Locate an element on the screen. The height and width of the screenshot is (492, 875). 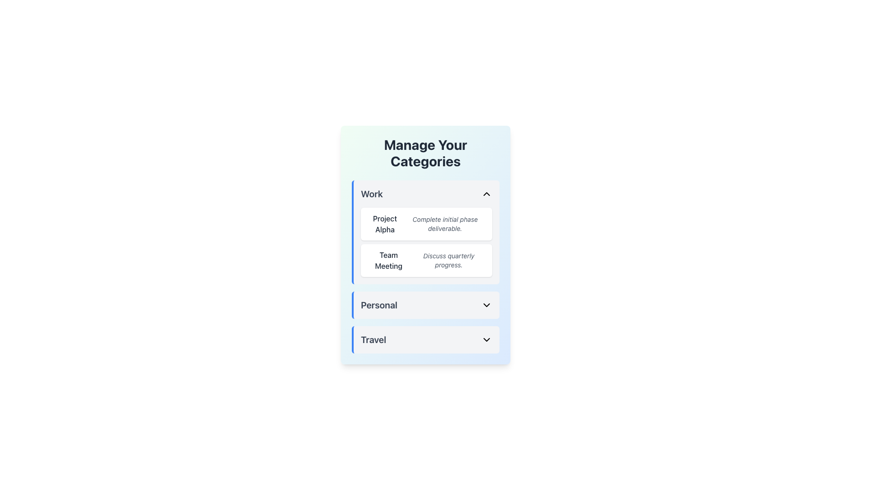
the dropdown indicator chevron icon located at the far-right end of the 'Travel' section to trigger a hover effect or tooltip is located at coordinates (486, 339).